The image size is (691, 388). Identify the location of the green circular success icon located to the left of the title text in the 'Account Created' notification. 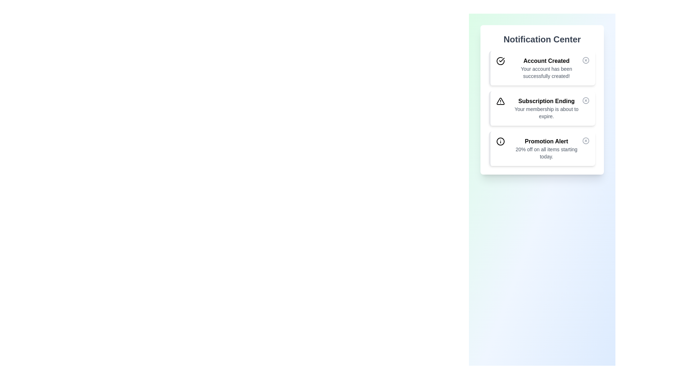
(500, 60).